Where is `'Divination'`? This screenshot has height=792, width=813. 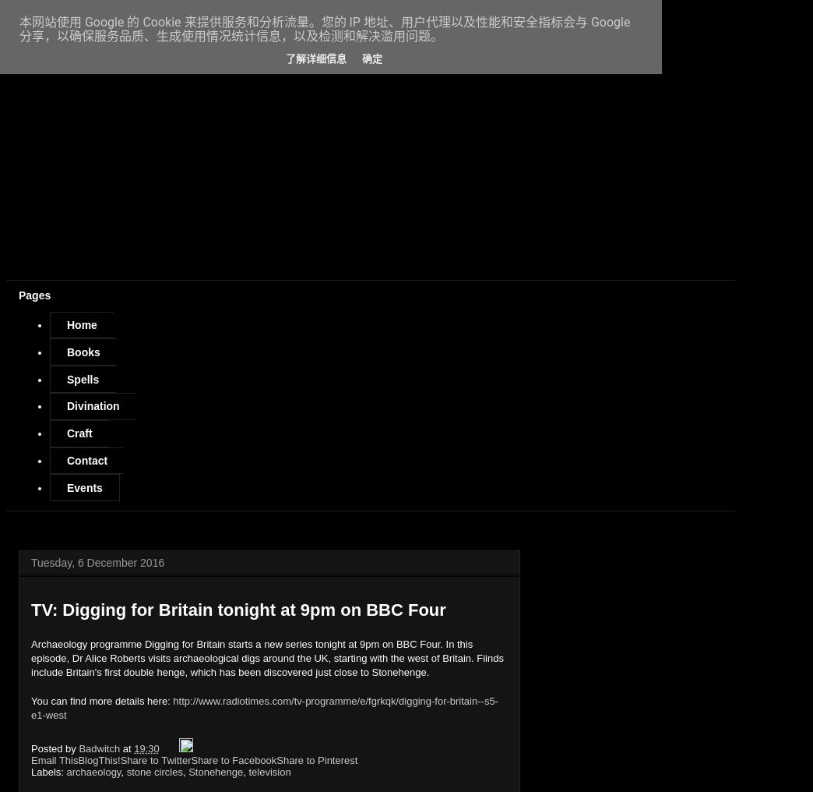 'Divination' is located at coordinates (93, 405).